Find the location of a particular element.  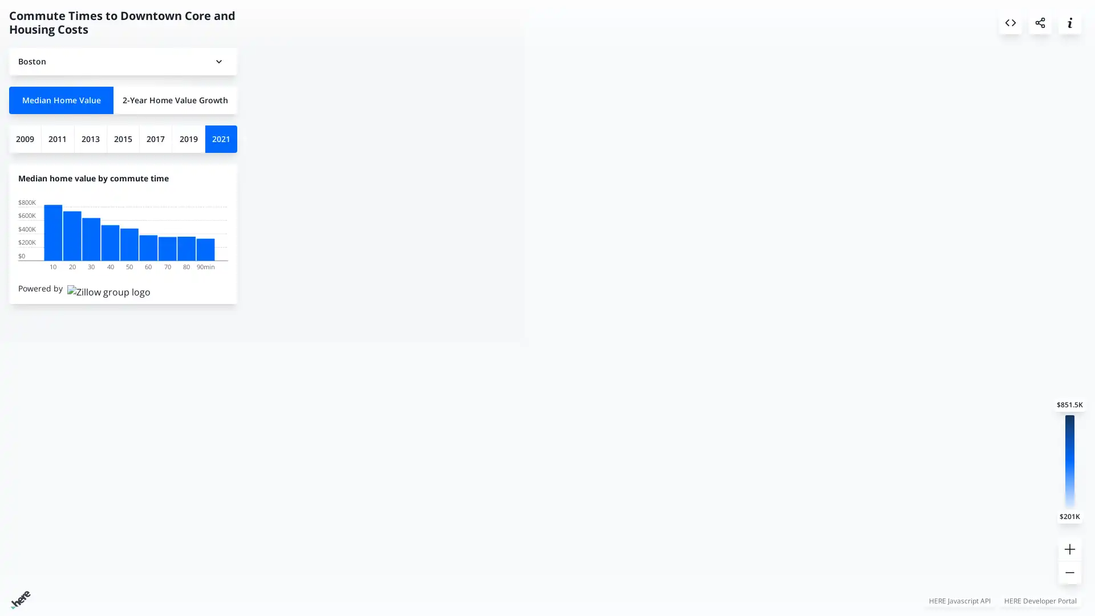

Embed is located at coordinates (1010, 22).